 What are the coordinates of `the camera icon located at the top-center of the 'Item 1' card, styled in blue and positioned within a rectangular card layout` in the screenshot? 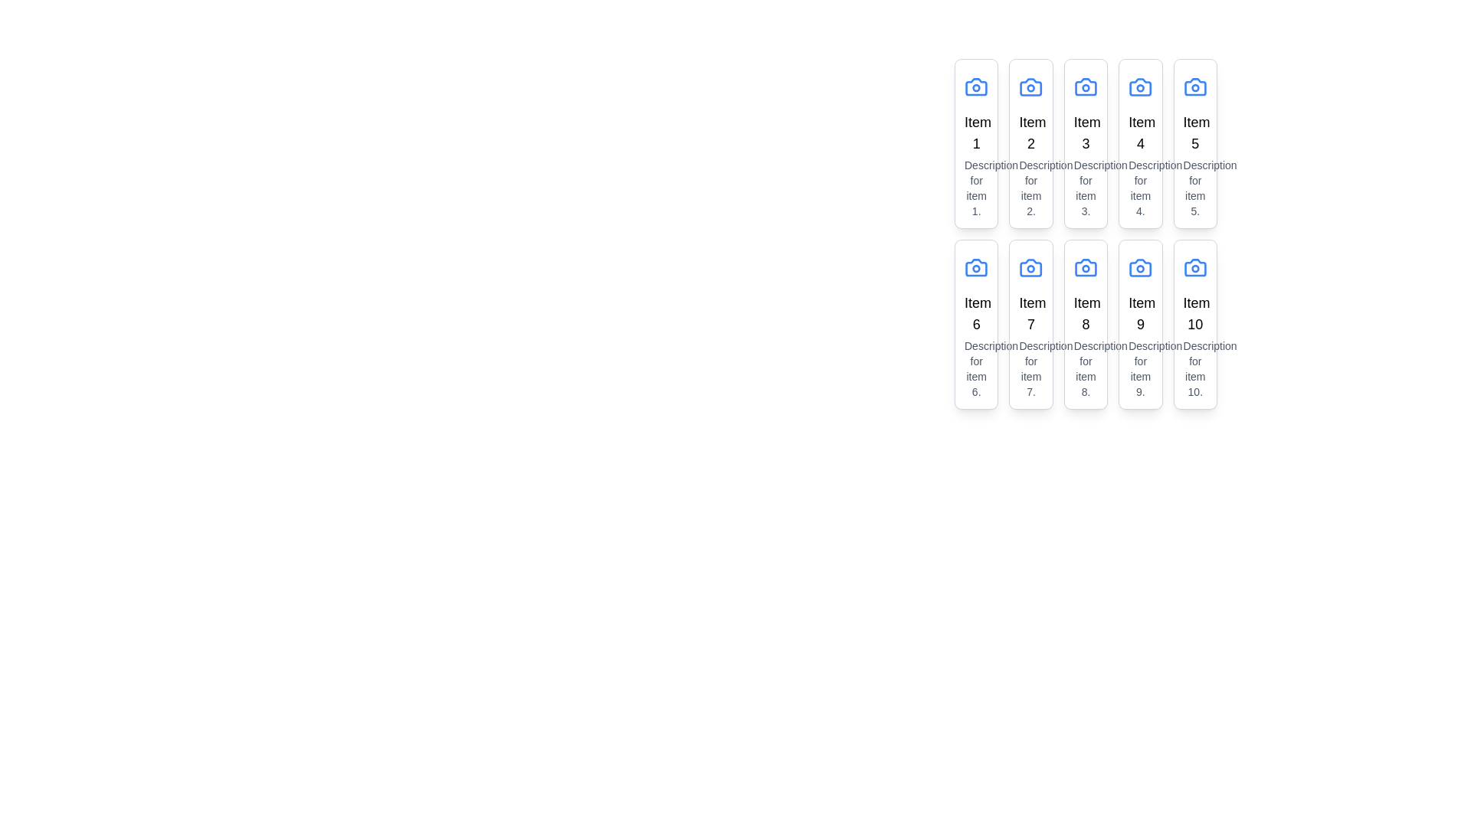 It's located at (975, 87).